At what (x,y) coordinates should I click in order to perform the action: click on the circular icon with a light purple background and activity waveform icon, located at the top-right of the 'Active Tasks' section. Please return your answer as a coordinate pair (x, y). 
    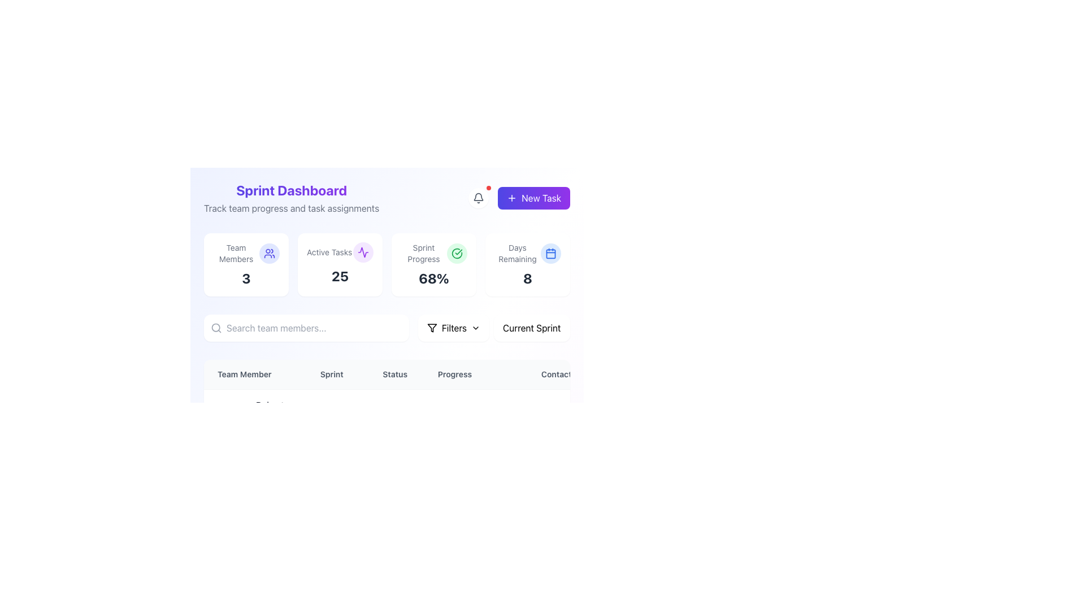
    Looking at the image, I should click on (363, 252).